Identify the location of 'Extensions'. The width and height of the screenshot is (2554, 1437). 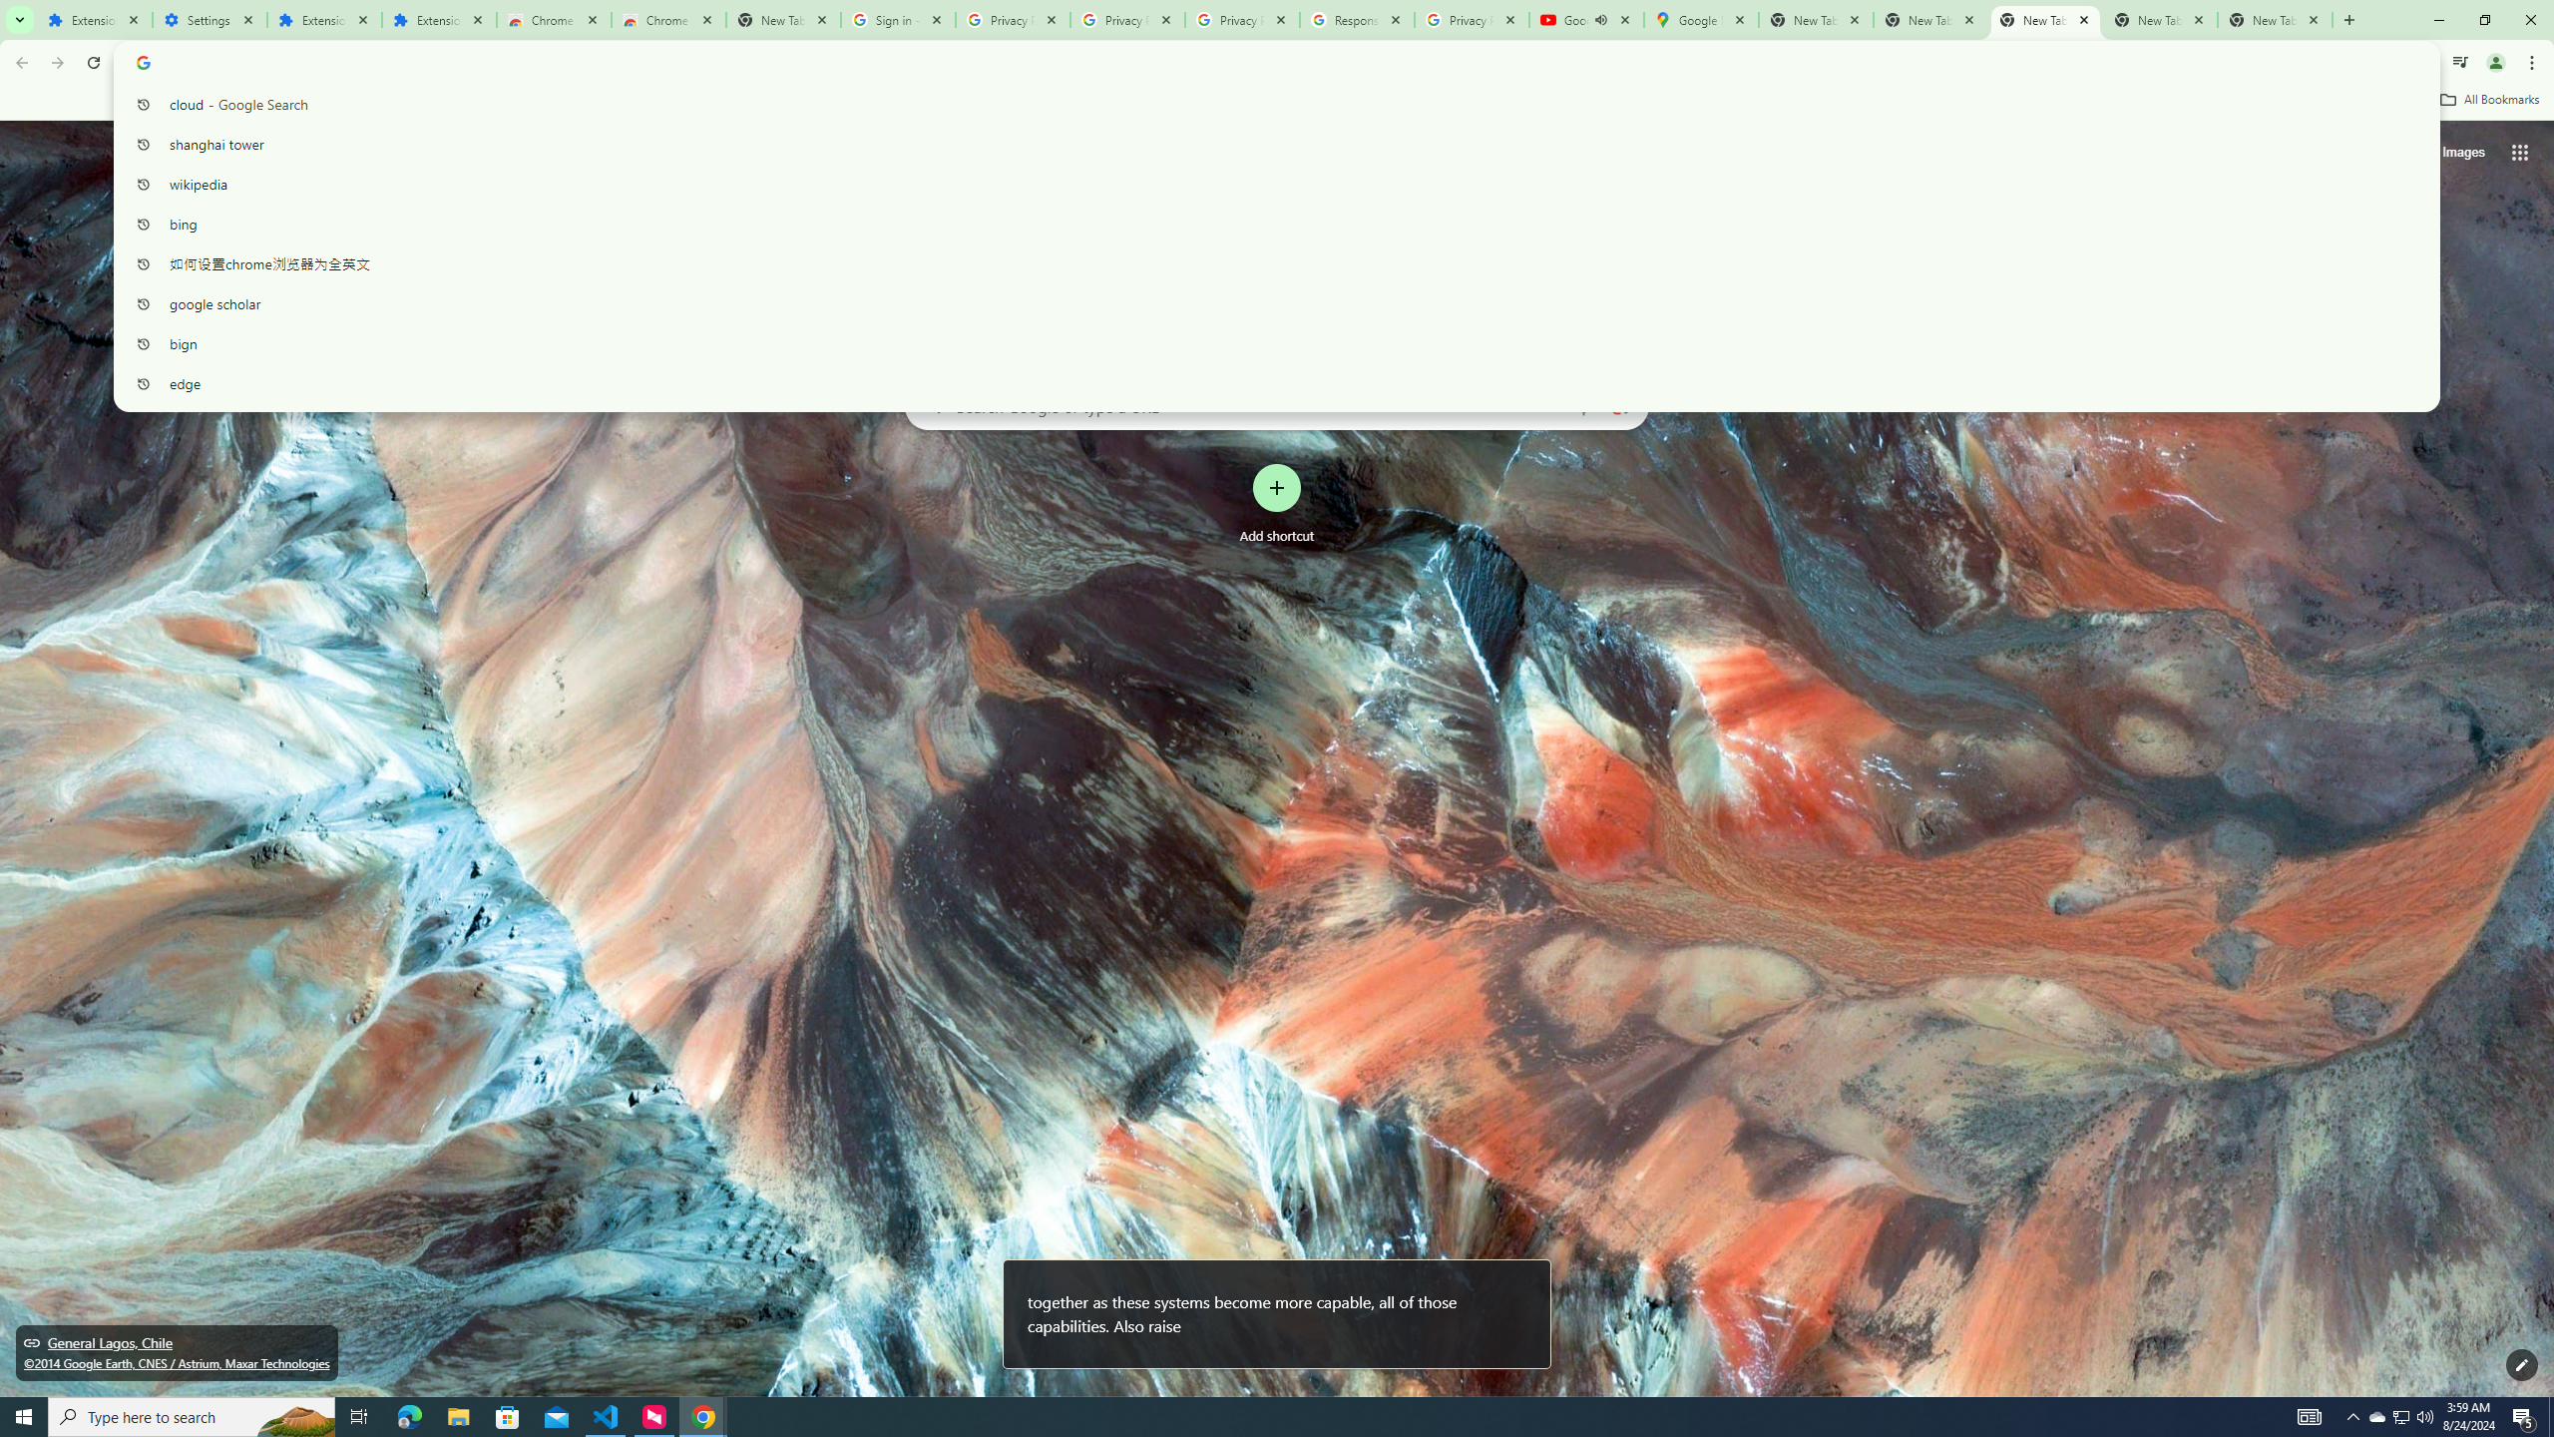
(439, 19).